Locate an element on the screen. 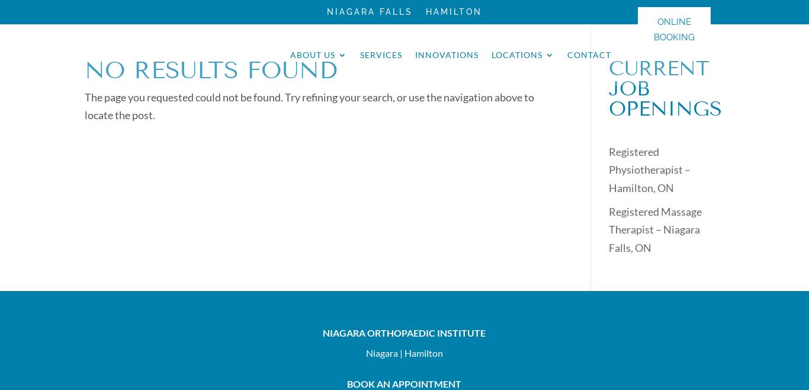  'Registered Massage Therapist – Niagara Falls, ON' is located at coordinates (607, 229).